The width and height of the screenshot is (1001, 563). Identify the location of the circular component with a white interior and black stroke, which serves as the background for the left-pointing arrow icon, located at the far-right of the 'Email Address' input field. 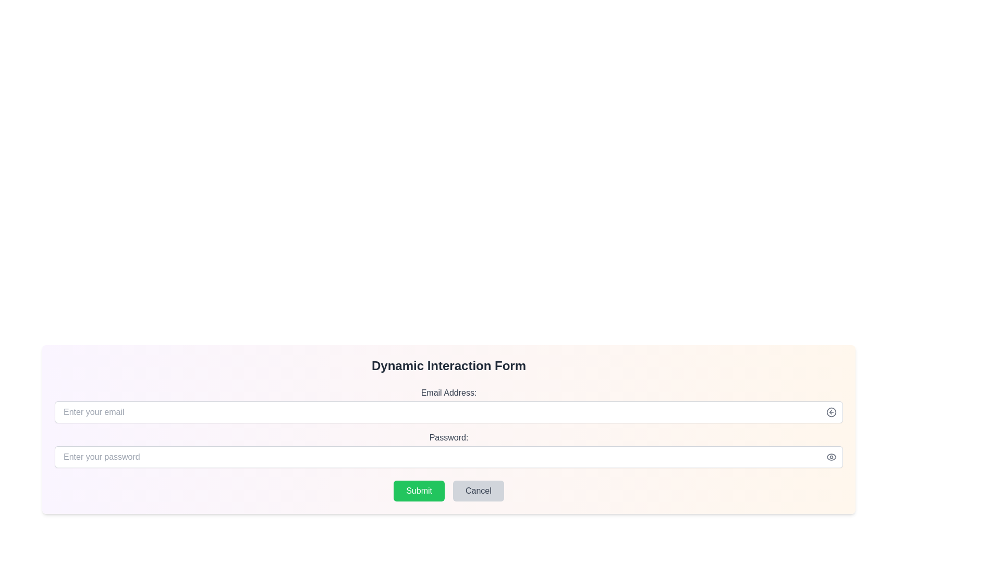
(831, 411).